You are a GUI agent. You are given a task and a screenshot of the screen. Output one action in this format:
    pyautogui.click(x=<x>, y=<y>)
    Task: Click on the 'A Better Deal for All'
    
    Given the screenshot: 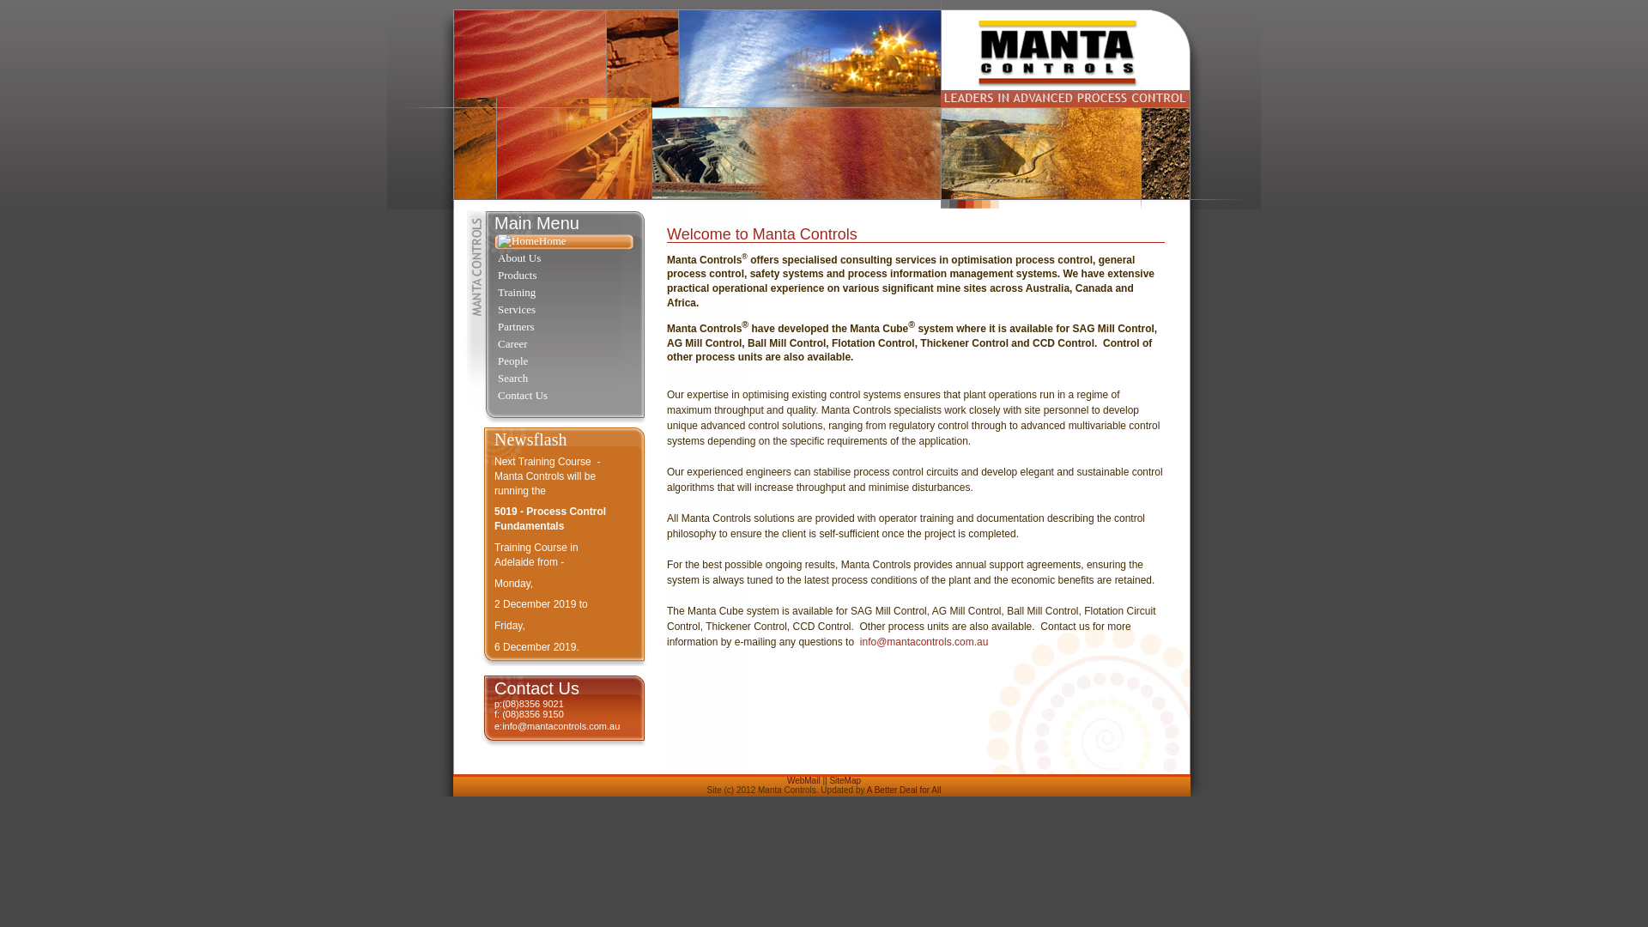 What is the action you would take?
    pyautogui.click(x=866, y=790)
    